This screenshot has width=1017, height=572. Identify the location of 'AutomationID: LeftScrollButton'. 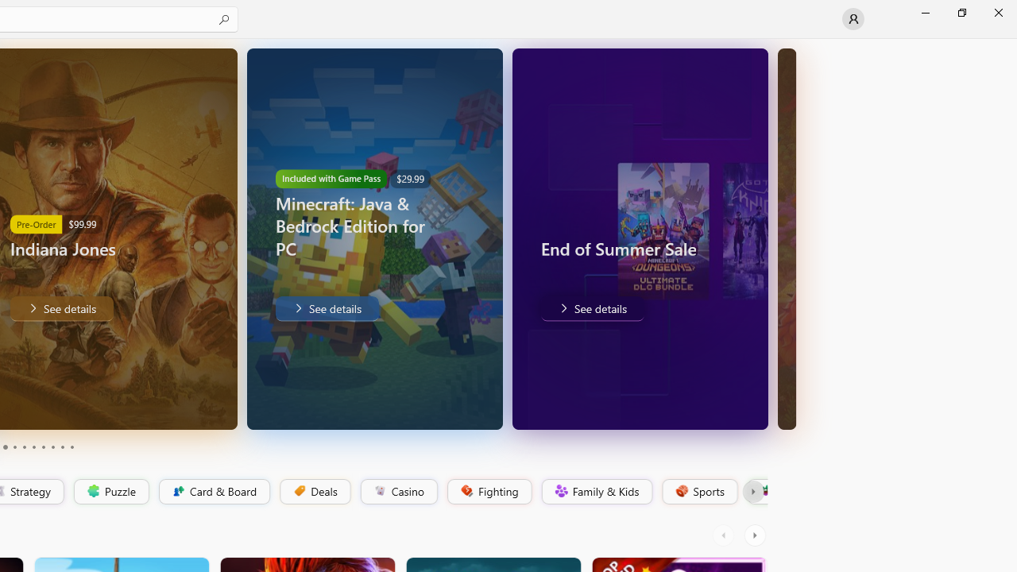
(725, 535).